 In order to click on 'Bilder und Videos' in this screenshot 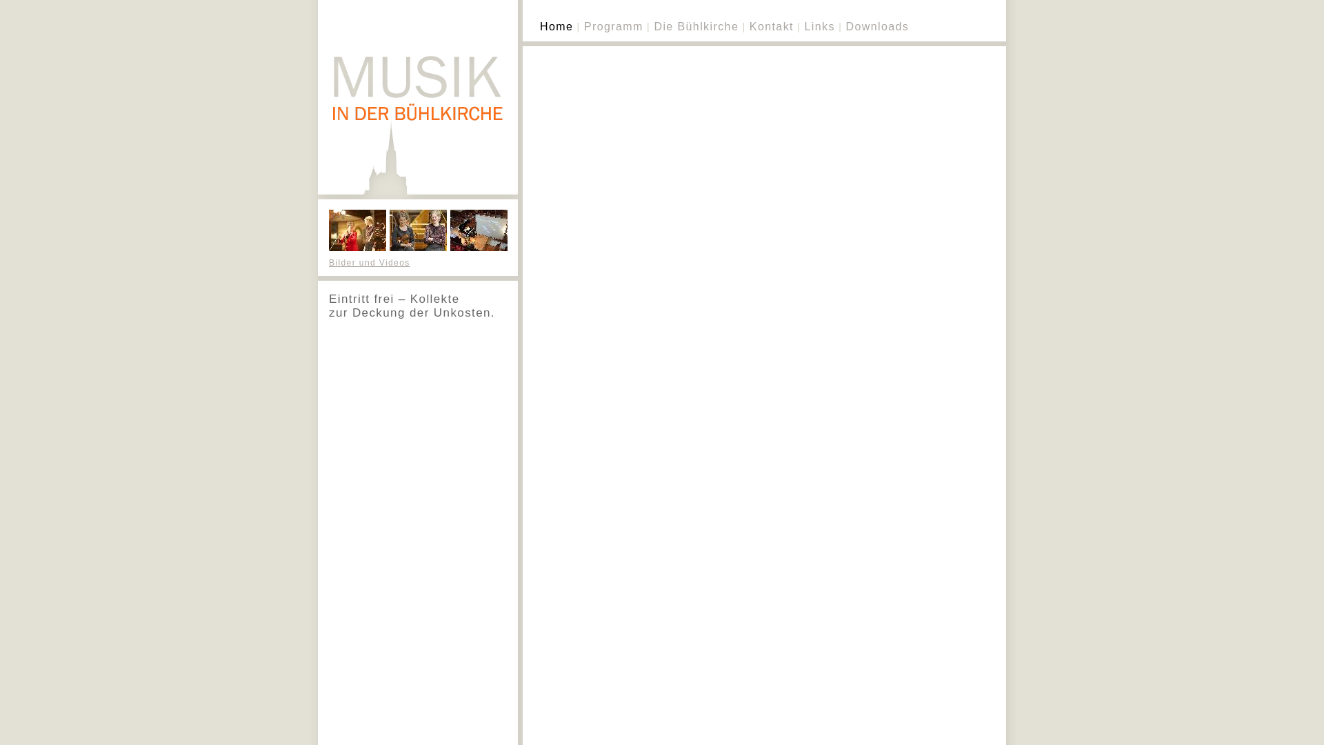, I will do `click(328, 263)`.